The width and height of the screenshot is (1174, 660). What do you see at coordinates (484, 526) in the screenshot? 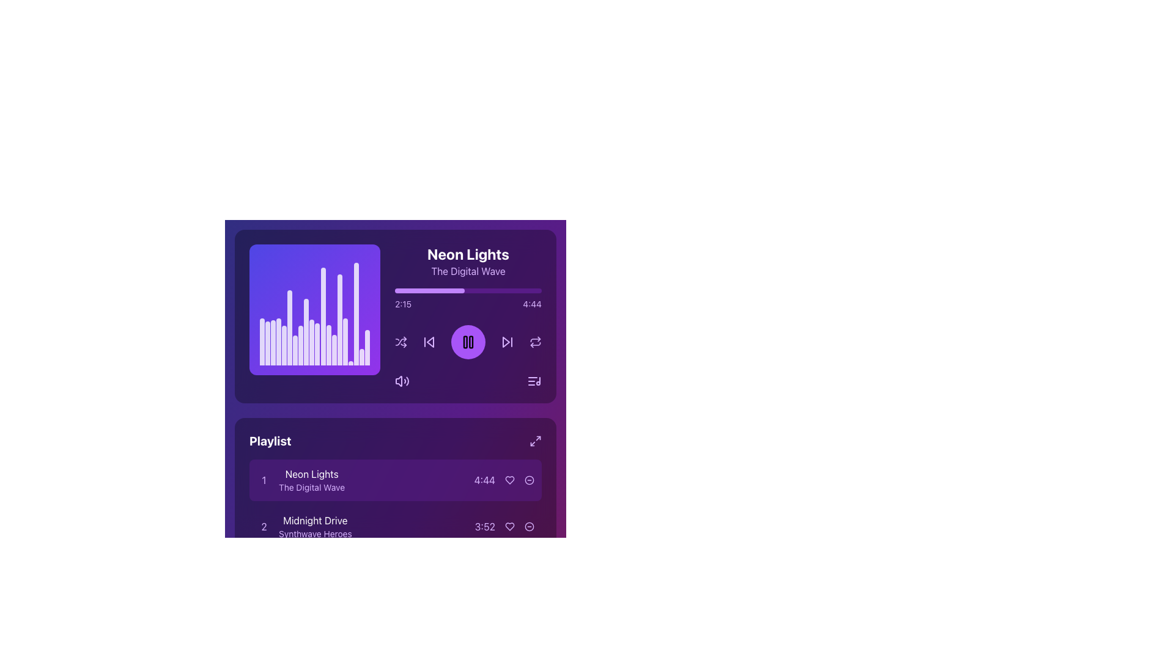
I see `the duration text label for the song 'Midnight Drive', which is located in the bottom-right corner of the 'Playlist' section` at bounding box center [484, 526].